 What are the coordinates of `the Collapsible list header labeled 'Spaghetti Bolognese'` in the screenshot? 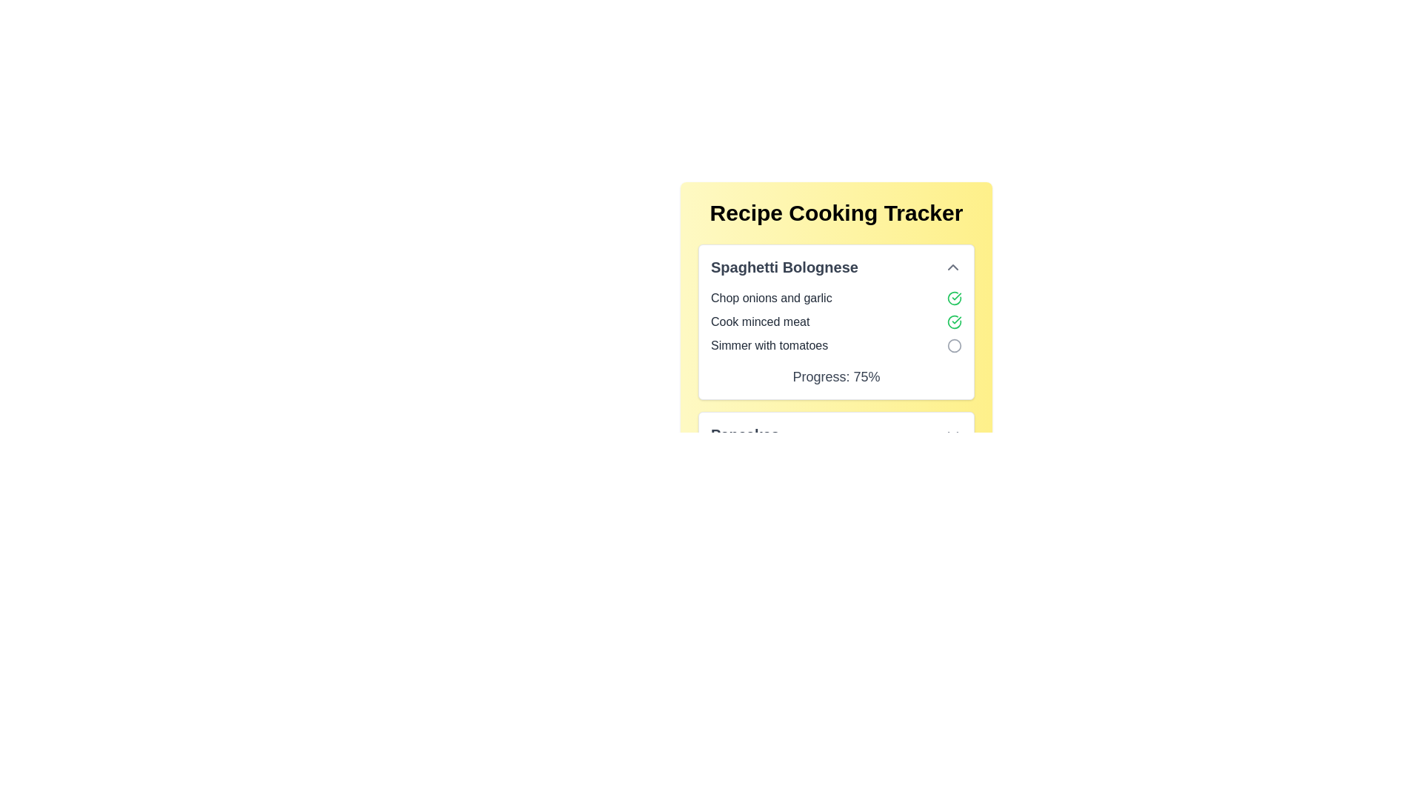 It's located at (836, 267).